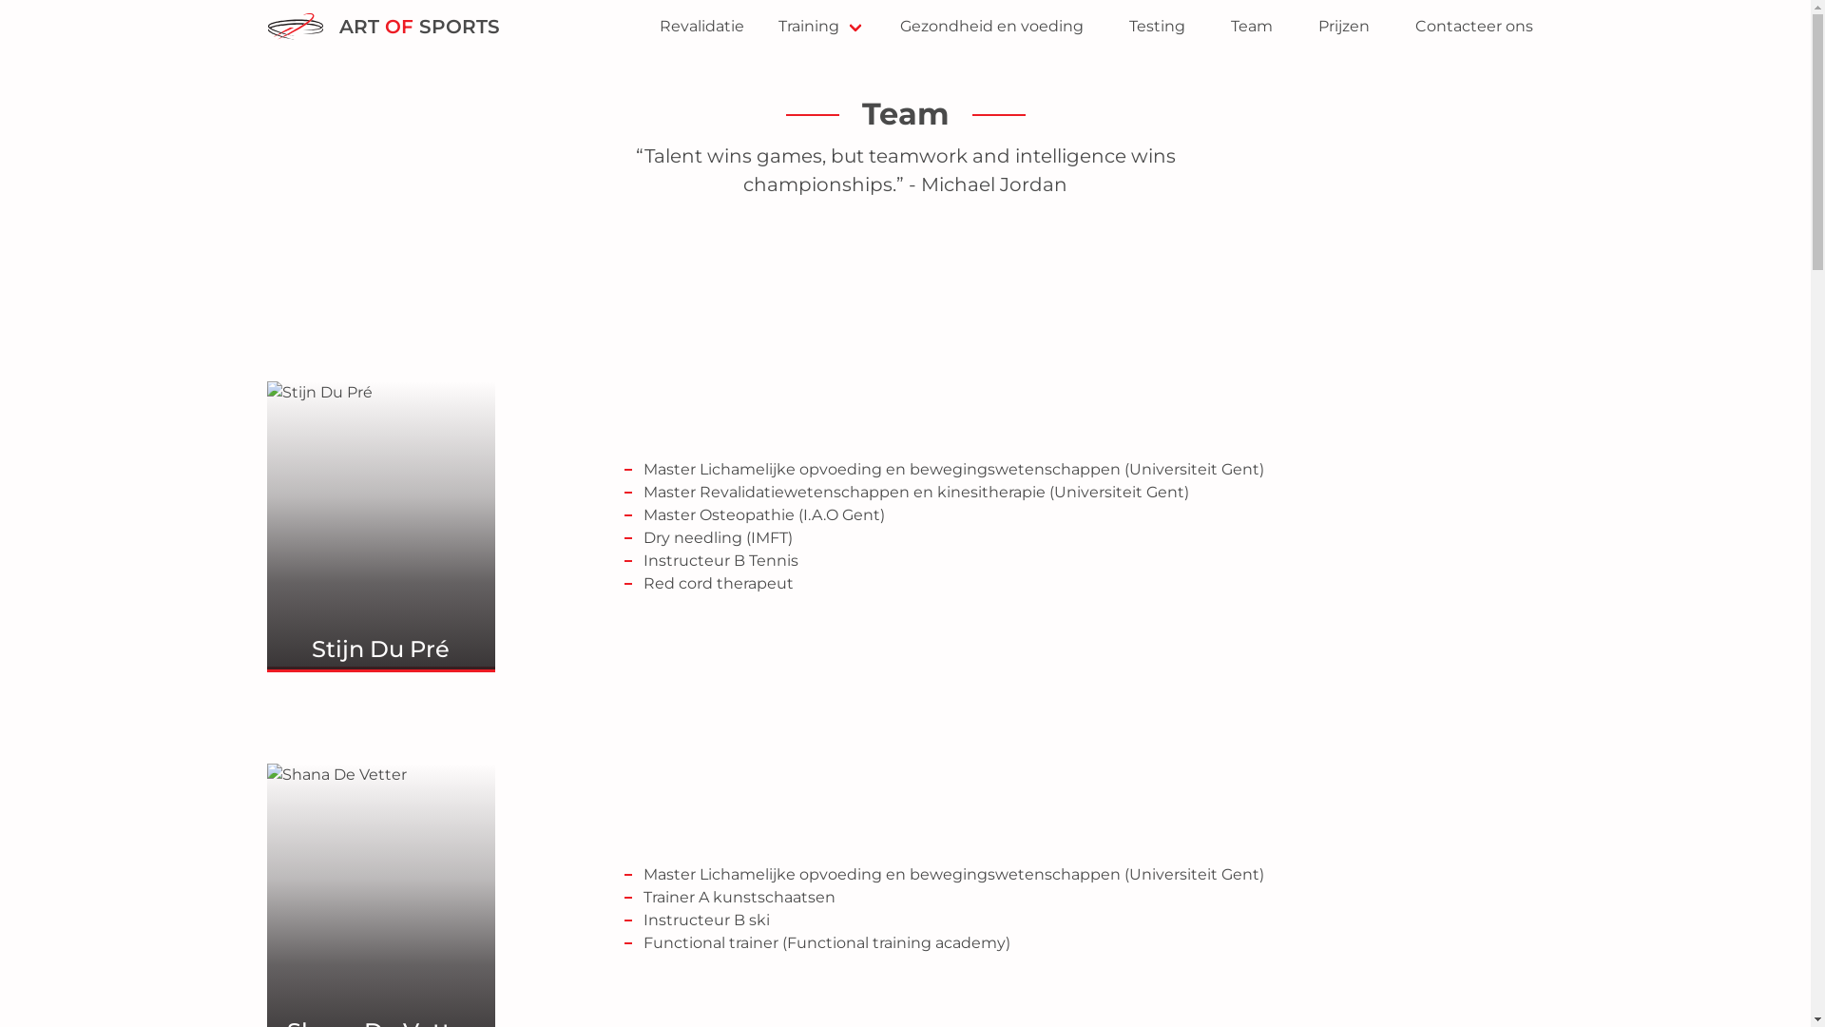 This screenshot has width=1825, height=1027. I want to click on 'Gezondheid en voeding', so click(989, 26).